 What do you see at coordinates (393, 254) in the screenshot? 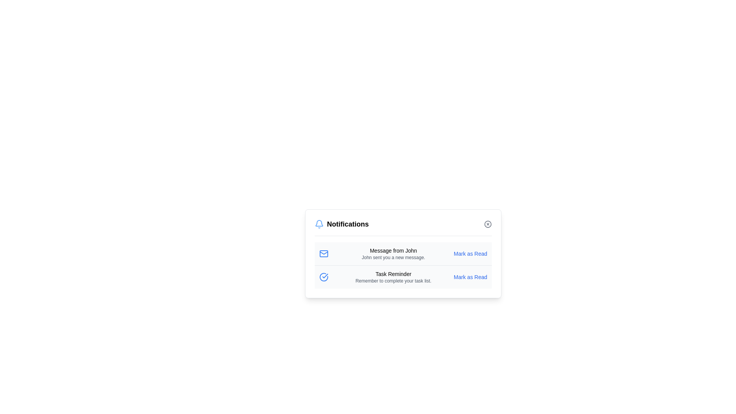
I see `the text block displaying the notification 'Message from John' which includes the smaller text 'John sent you a new message.'` at bounding box center [393, 254].